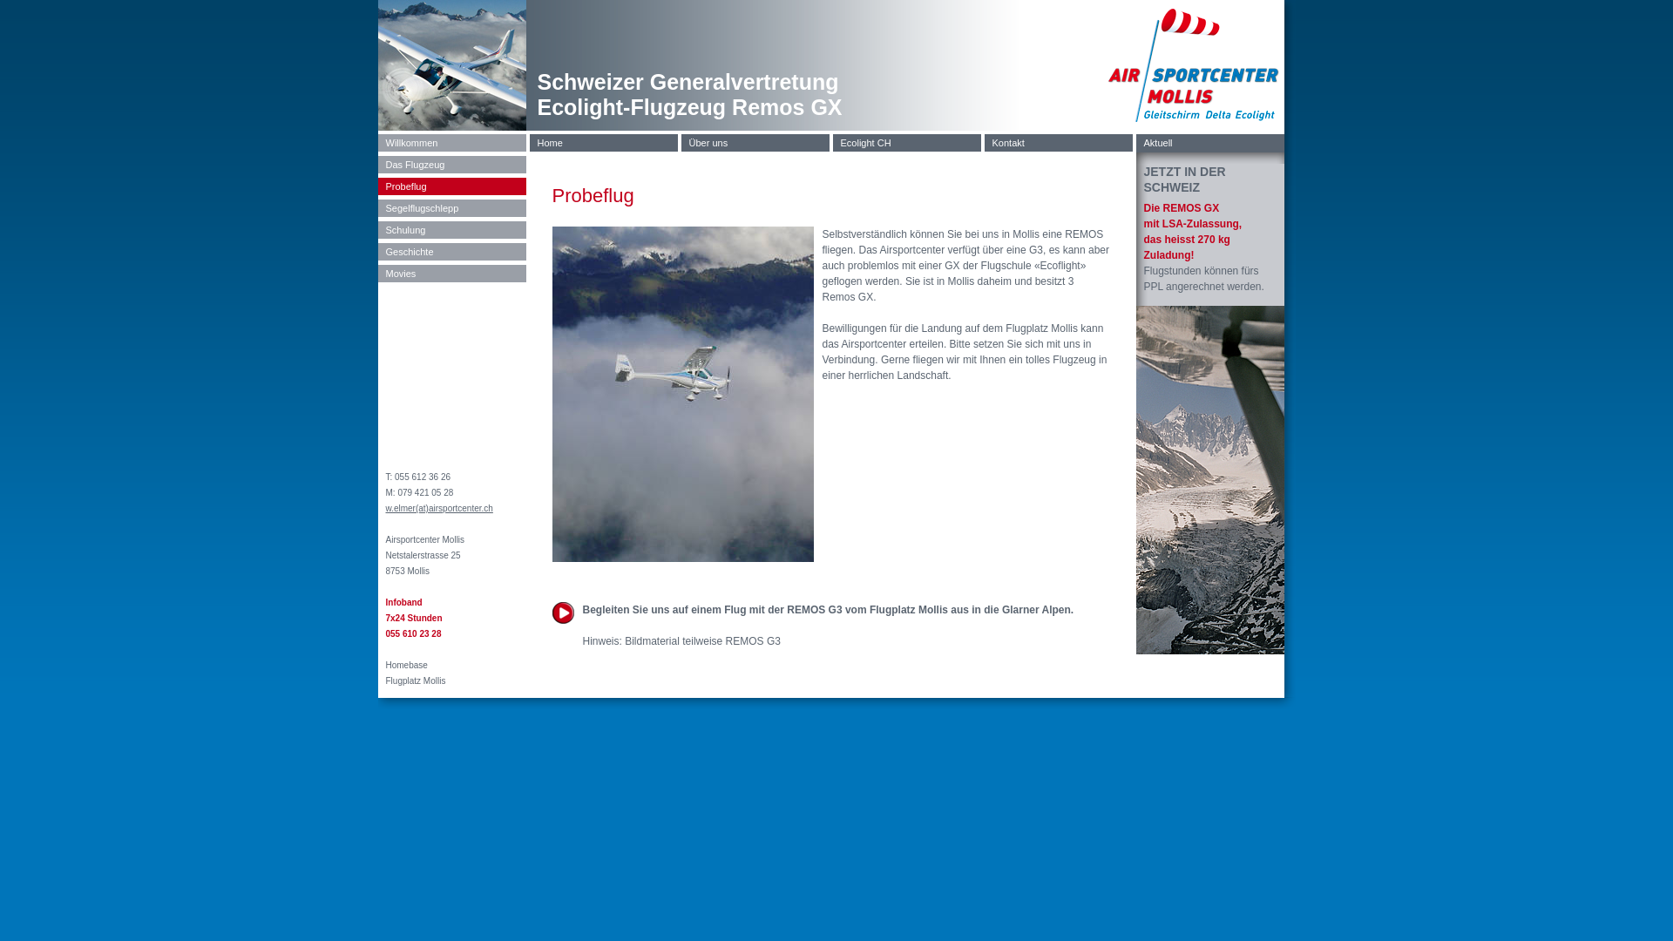 The image size is (1673, 941). I want to click on 'Geschichte', so click(376, 252).